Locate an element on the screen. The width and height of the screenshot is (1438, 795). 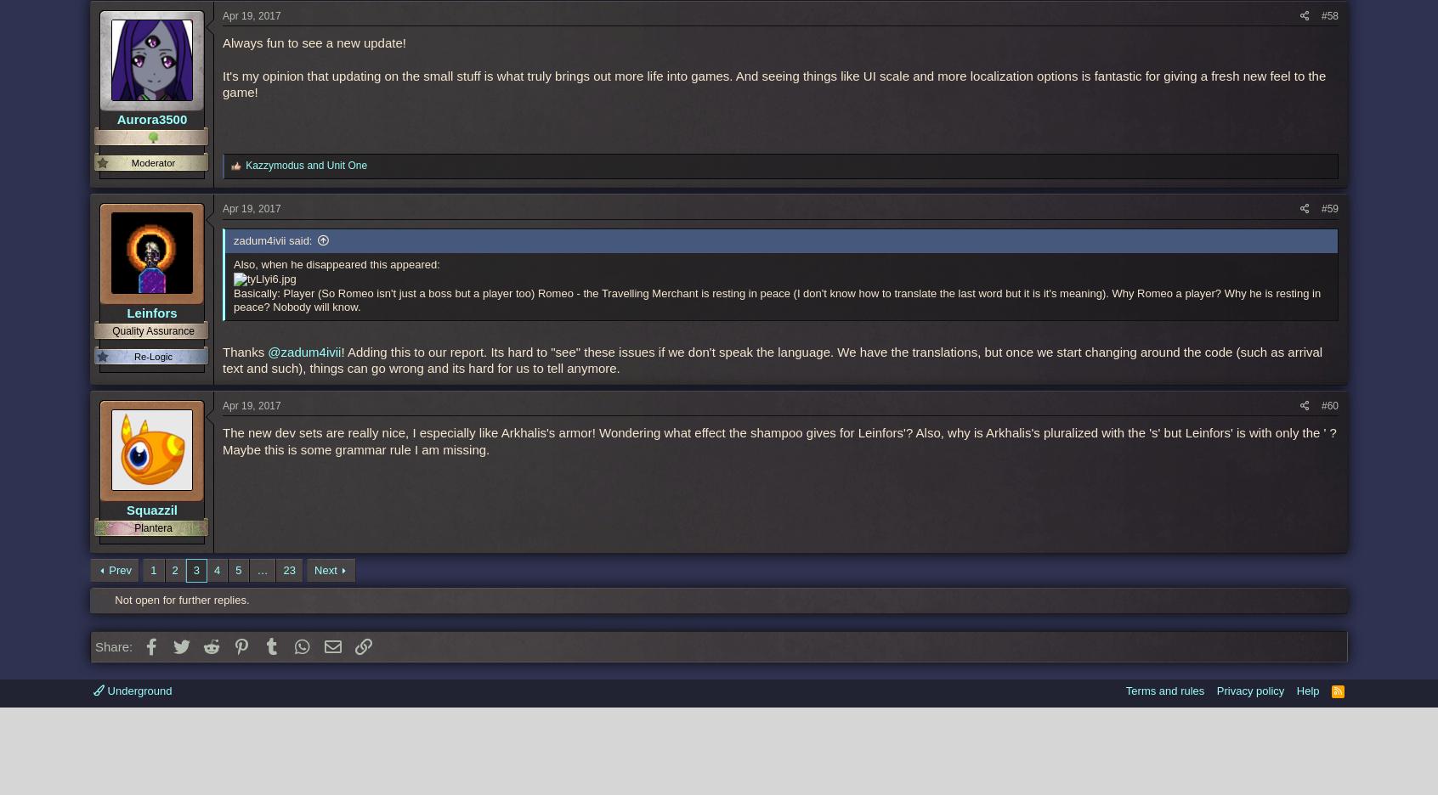
'Moderator' is located at coordinates (152, 161).